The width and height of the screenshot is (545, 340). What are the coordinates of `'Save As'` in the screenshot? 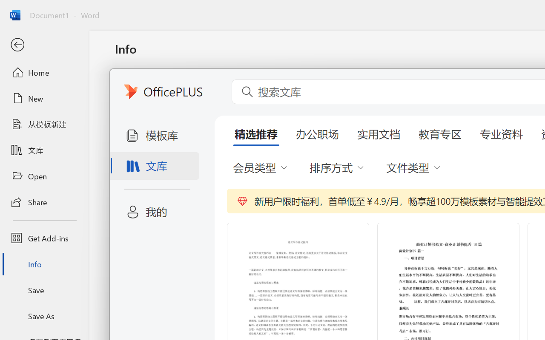 It's located at (44, 316).